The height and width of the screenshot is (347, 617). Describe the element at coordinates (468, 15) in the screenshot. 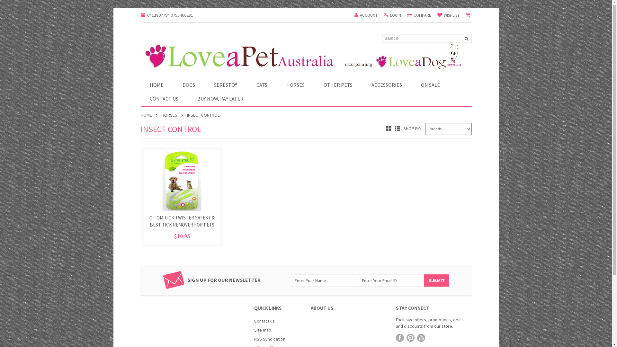

I see `'View Cart'` at that location.